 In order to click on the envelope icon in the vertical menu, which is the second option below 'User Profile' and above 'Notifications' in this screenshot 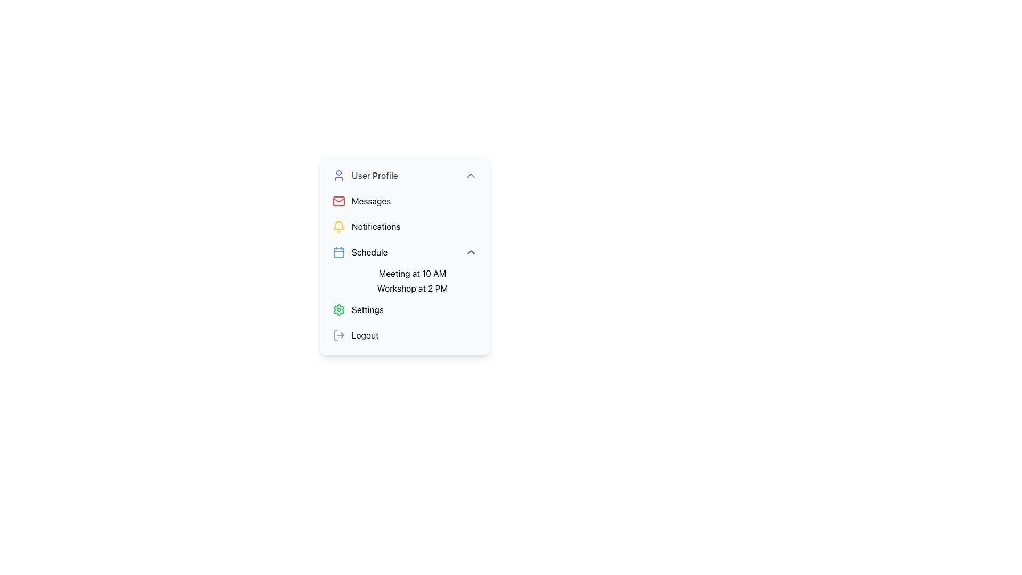, I will do `click(339, 199)`.